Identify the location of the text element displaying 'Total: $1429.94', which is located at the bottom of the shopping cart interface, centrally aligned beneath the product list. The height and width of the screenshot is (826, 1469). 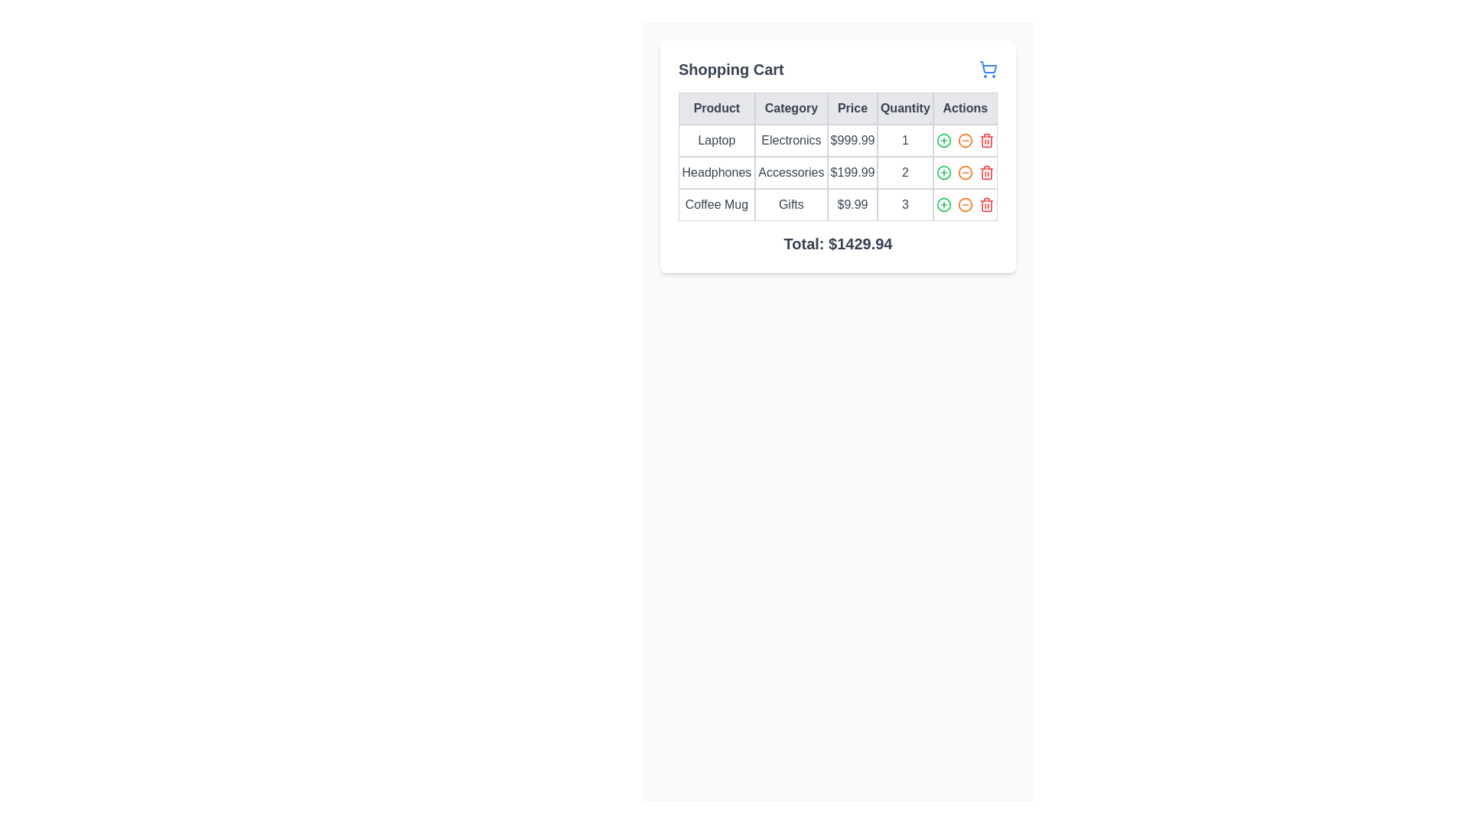
(837, 243).